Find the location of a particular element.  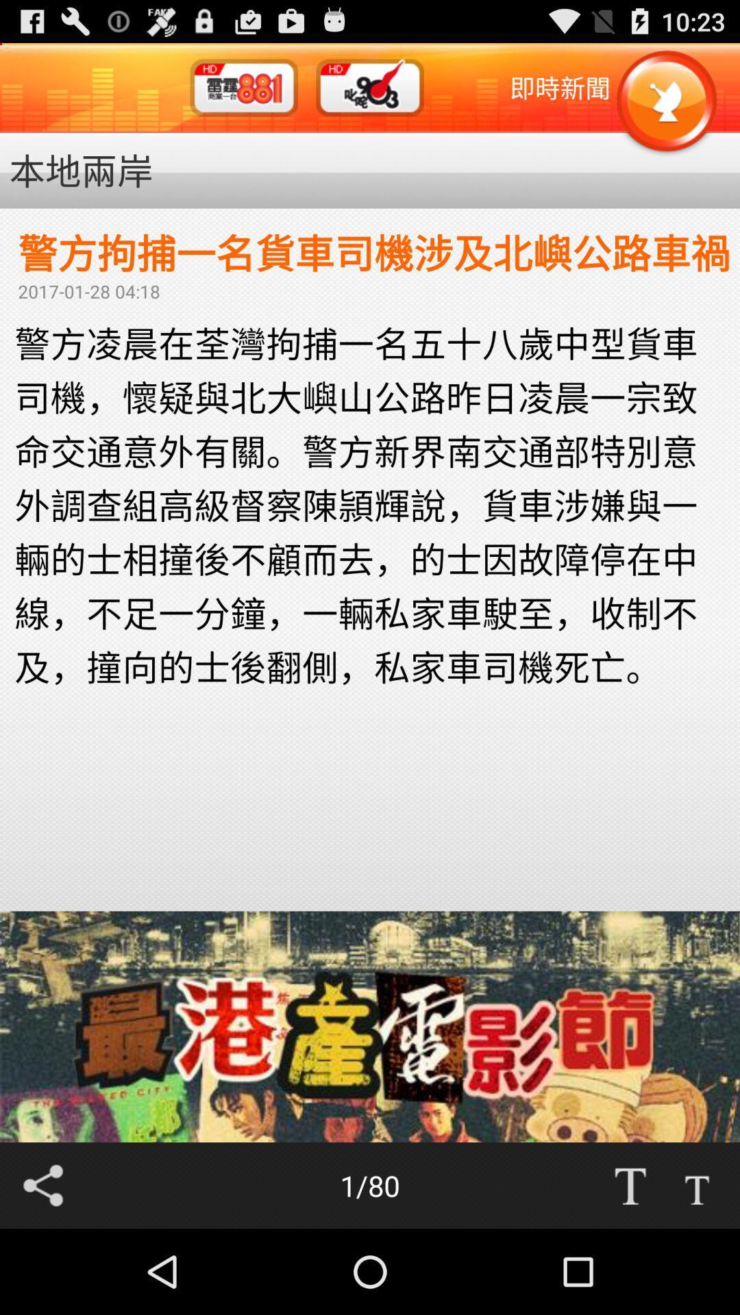

the font icon is located at coordinates (630, 1268).